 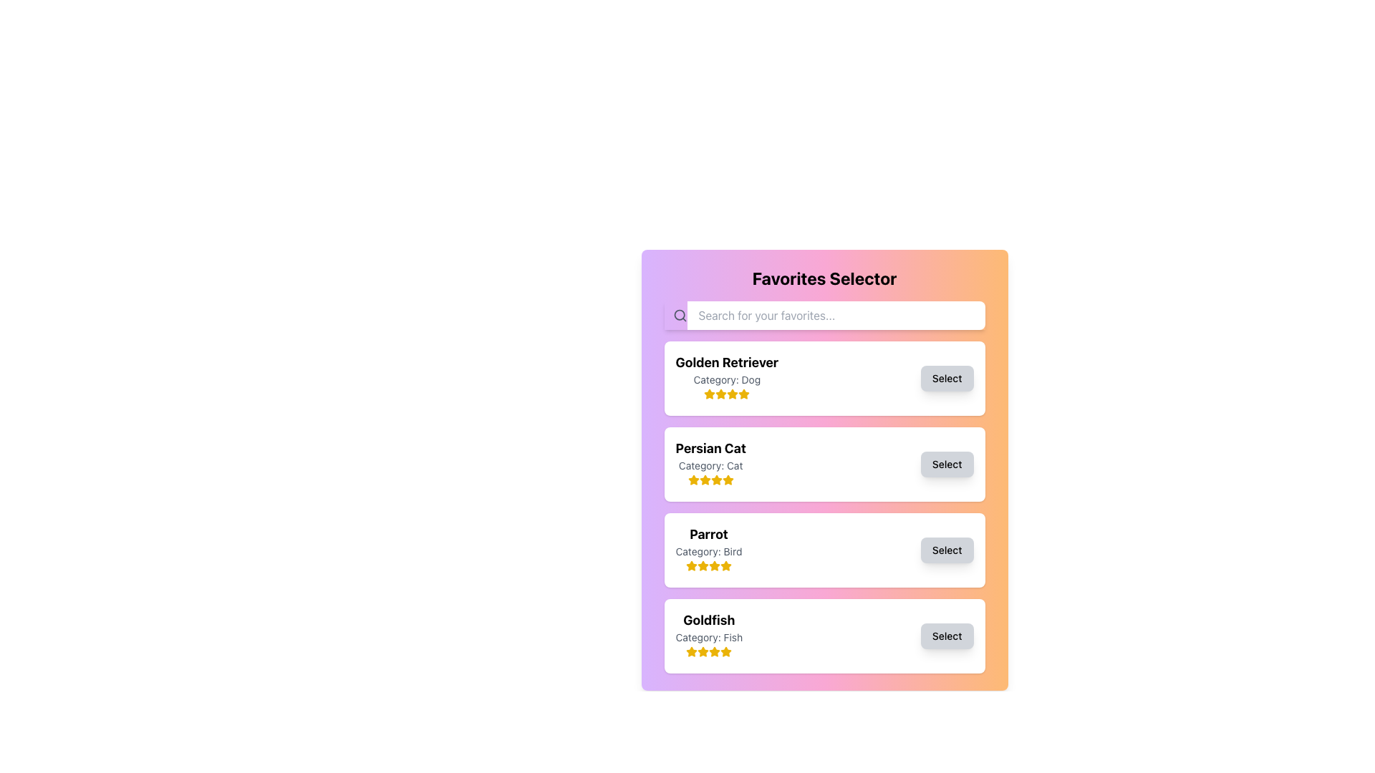 What do you see at coordinates (710, 466) in the screenshot?
I see `the static text label 'Category: Cat' which is positioned below the title 'Persian Cat' and above the star rating section` at bounding box center [710, 466].